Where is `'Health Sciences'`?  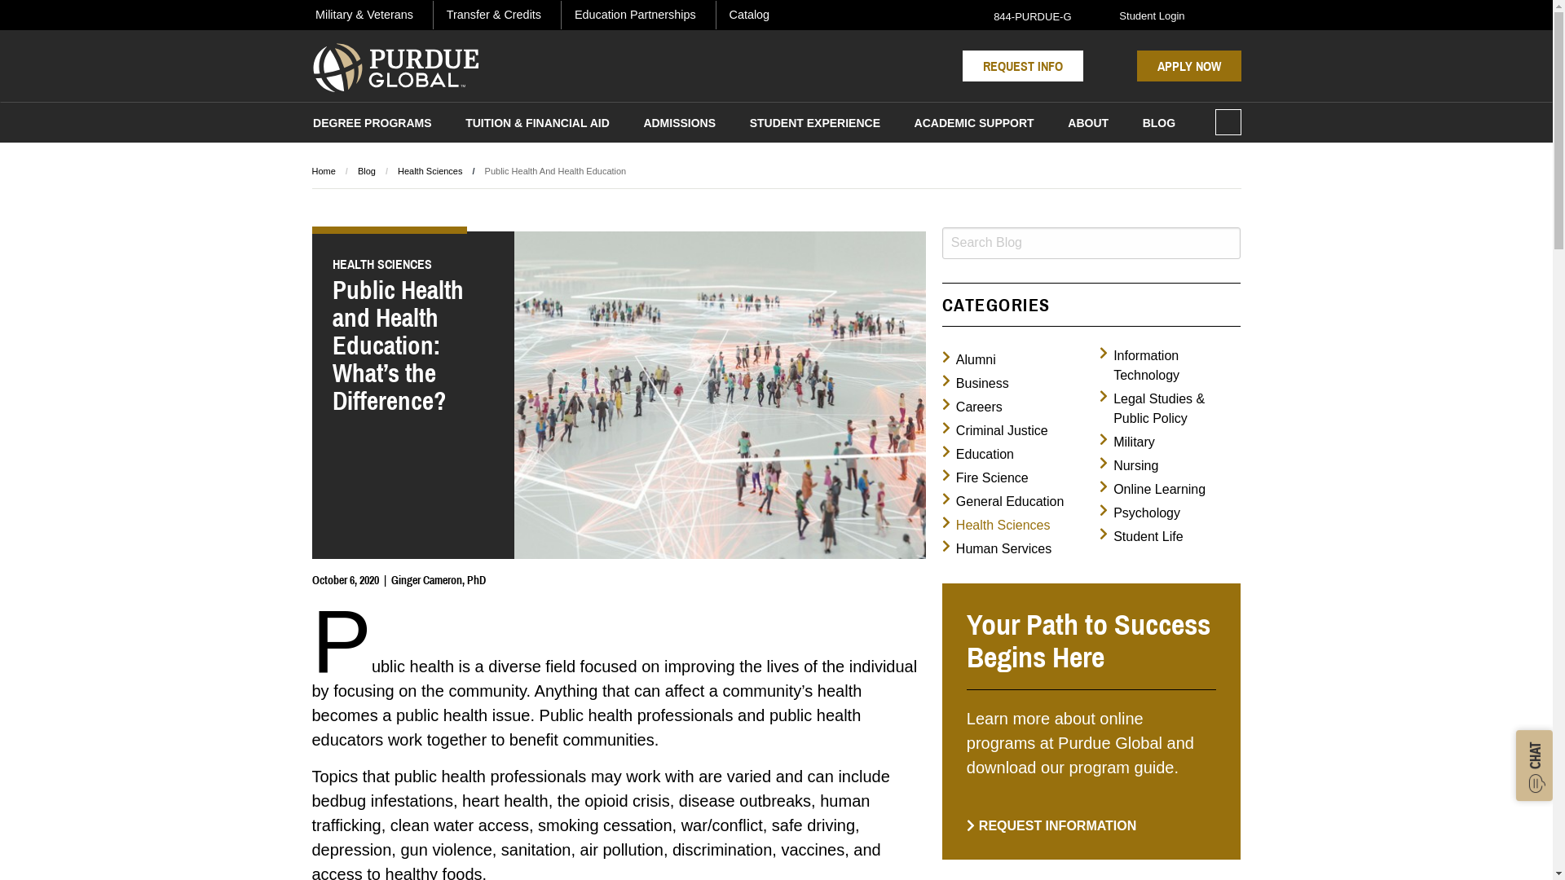
'Health Sciences' is located at coordinates (995, 525).